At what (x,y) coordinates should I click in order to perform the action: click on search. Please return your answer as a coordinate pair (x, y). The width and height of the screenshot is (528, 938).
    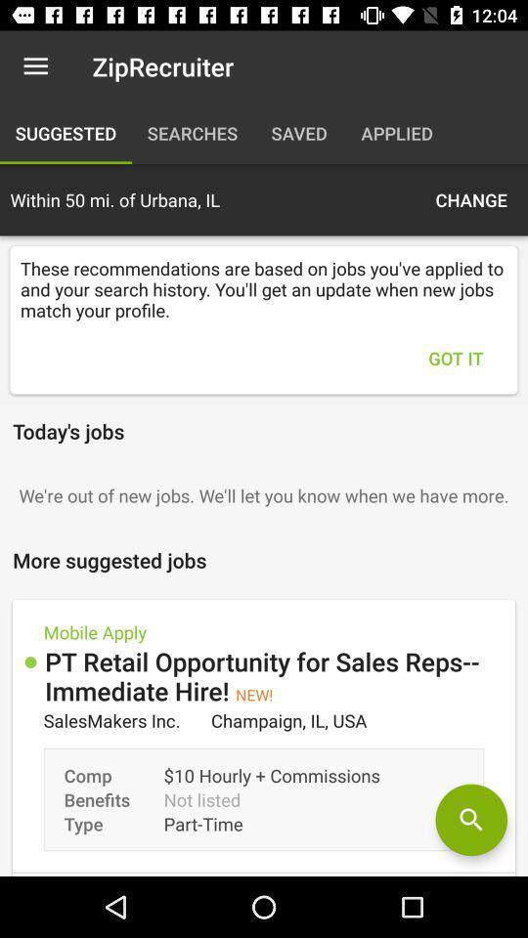
    Looking at the image, I should click on (470, 820).